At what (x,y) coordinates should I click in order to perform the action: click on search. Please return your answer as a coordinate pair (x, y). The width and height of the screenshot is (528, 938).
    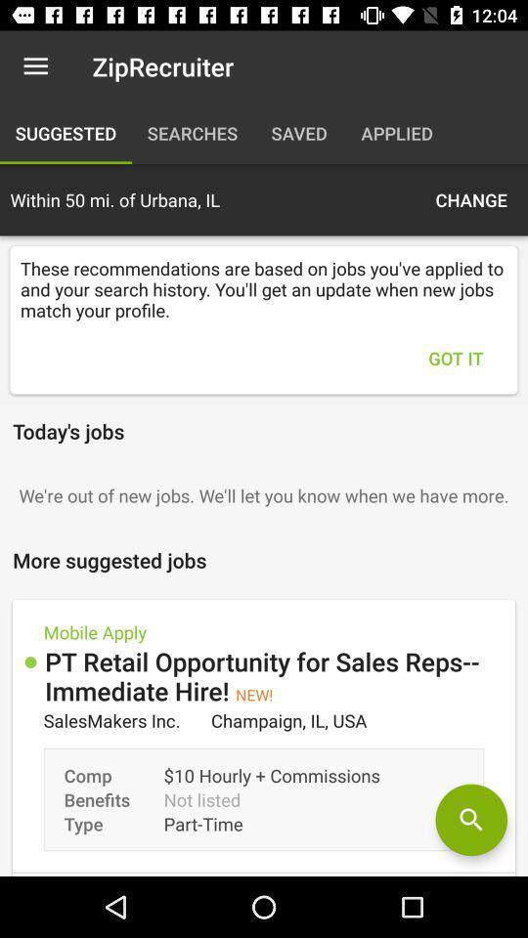
    Looking at the image, I should click on (470, 820).